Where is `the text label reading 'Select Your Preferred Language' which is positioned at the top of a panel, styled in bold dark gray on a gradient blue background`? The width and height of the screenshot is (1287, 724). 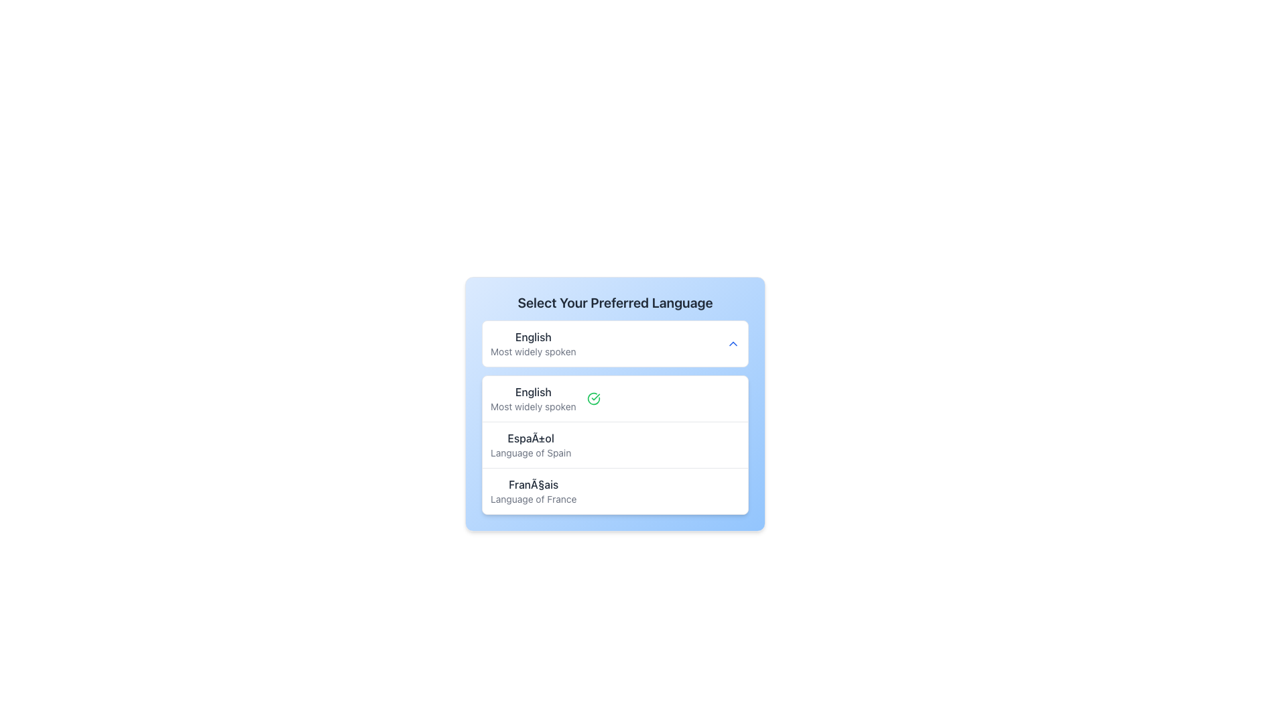 the text label reading 'Select Your Preferred Language' which is positioned at the top of a panel, styled in bold dark gray on a gradient blue background is located at coordinates (614, 302).